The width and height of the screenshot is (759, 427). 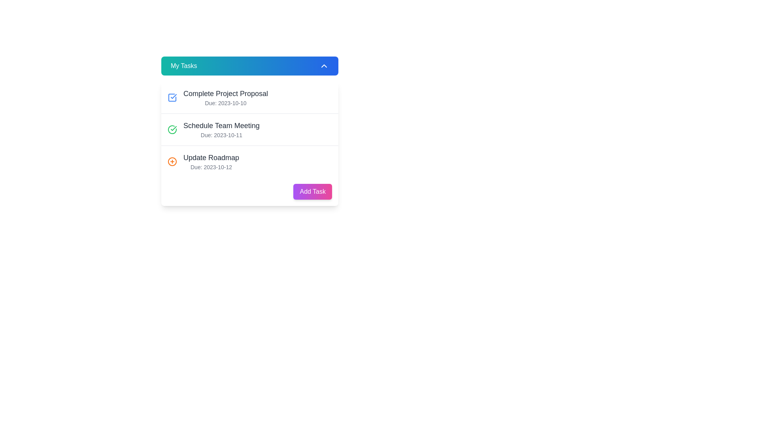 I want to click on the green circular icon with a checkmark inside, which indicates a completed task, located to the left of the text 'Schedule Team Meeting', so click(x=172, y=129).